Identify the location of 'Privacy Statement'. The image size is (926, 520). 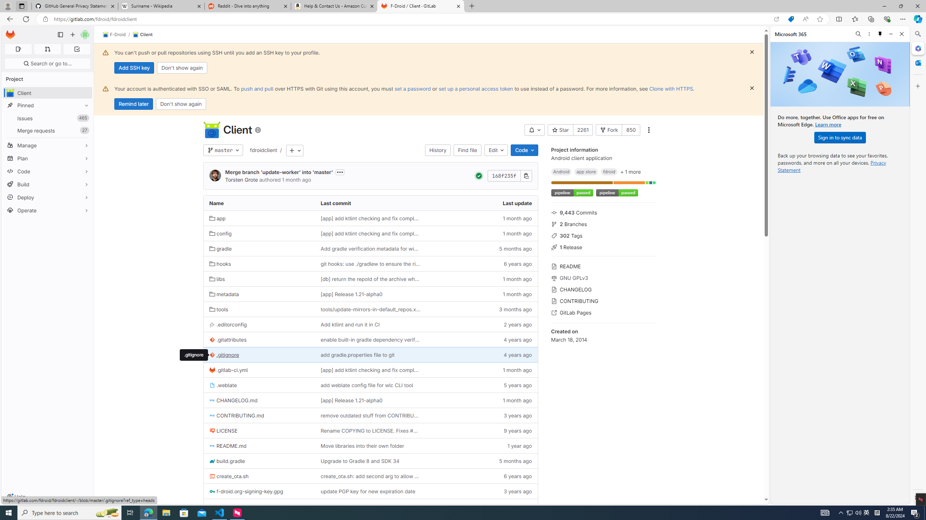
(832, 166).